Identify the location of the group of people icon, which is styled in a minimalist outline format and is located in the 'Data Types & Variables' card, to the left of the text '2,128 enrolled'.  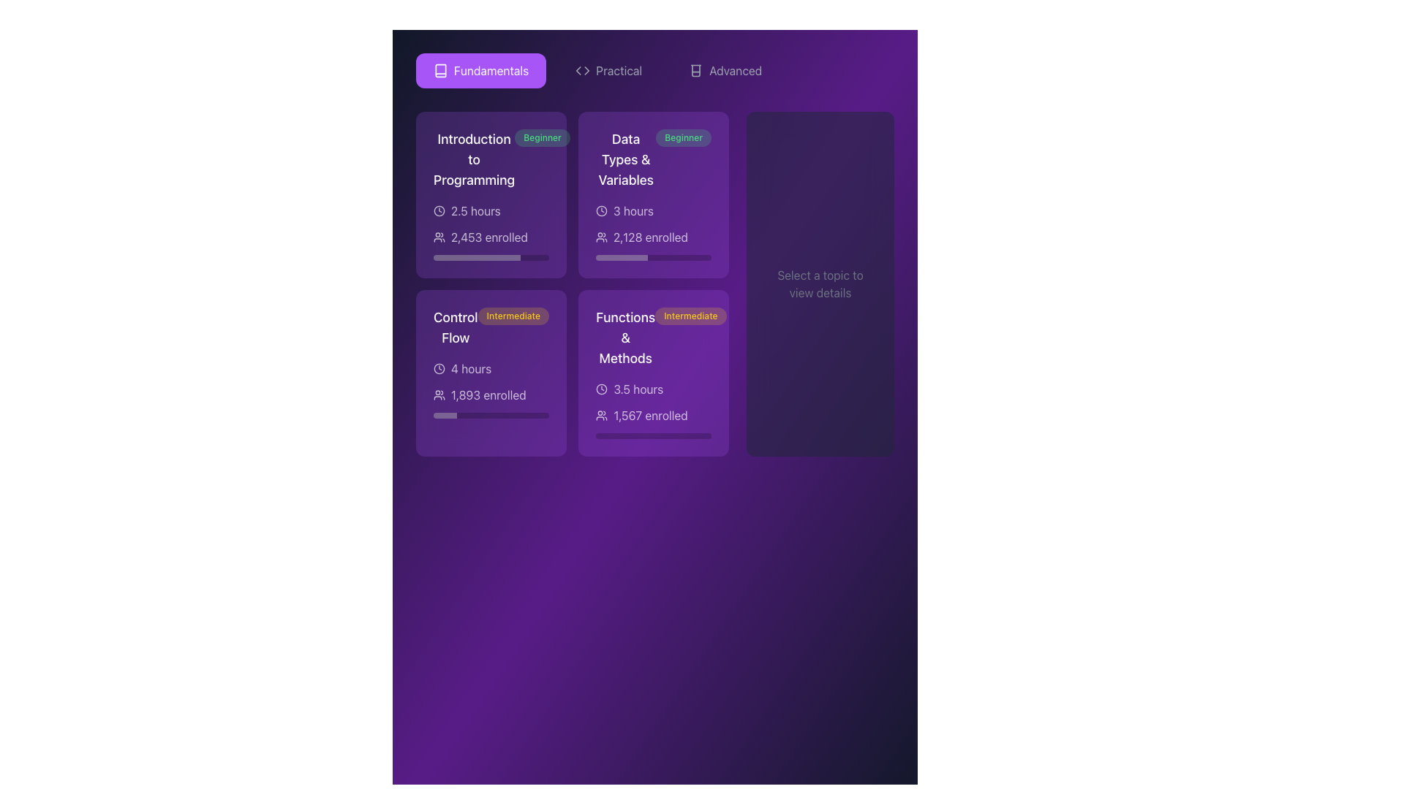
(601, 236).